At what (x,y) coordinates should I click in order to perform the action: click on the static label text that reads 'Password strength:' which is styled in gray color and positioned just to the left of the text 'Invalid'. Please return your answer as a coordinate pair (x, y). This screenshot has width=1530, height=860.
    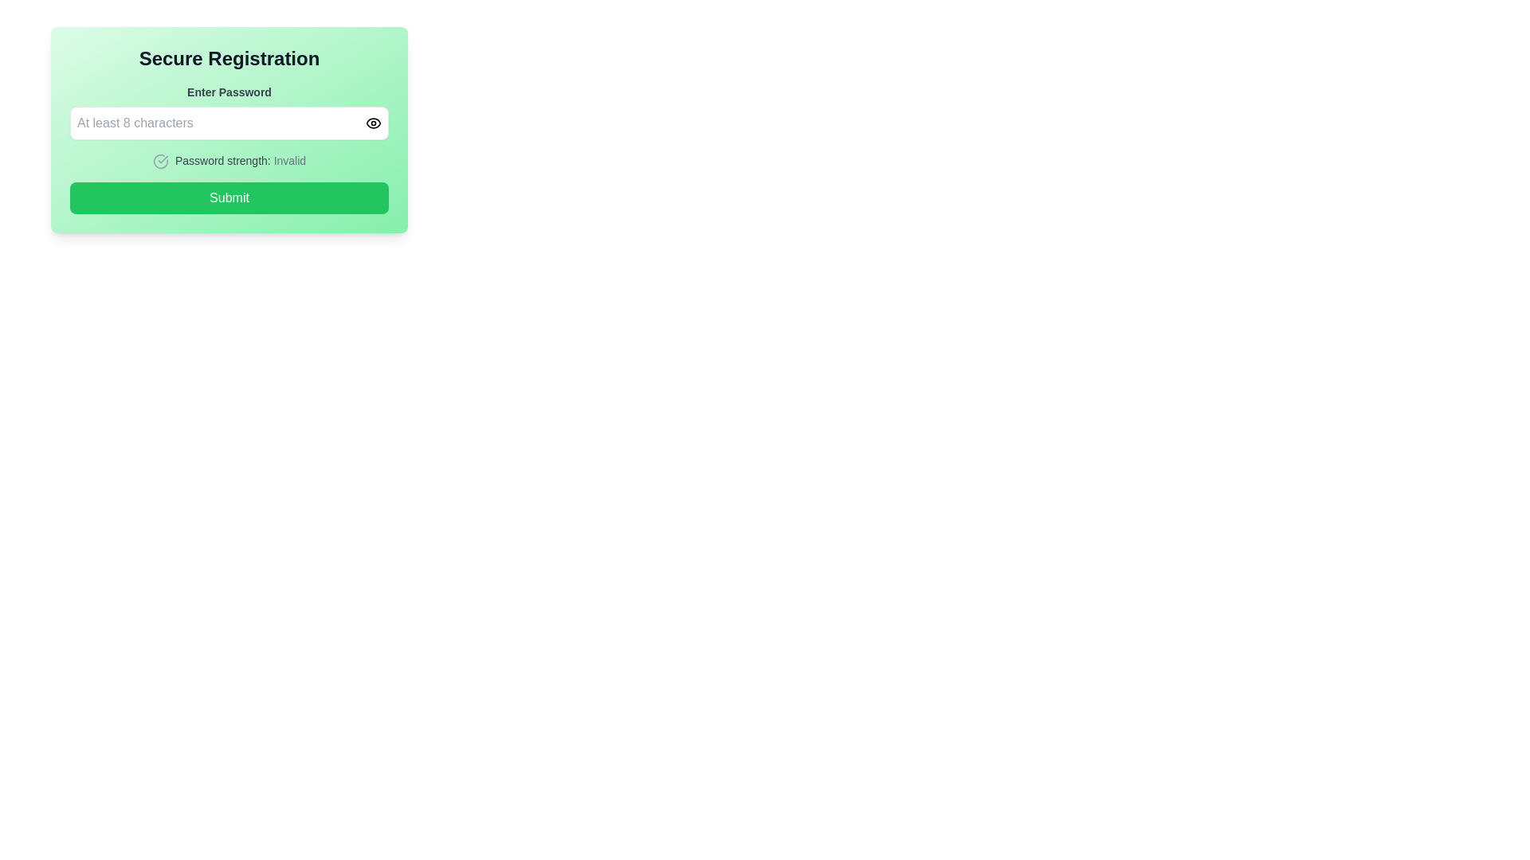
    Looking at the image, I should click on (223, 160).